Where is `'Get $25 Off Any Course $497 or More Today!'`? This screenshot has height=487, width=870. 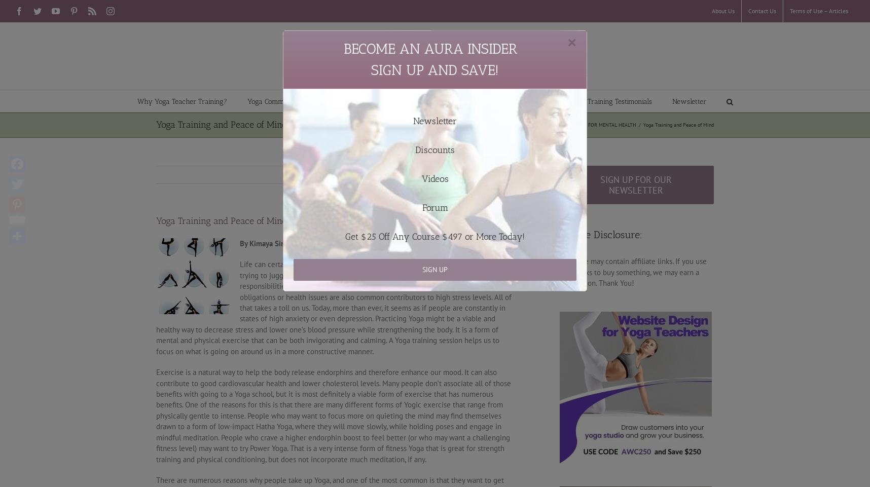 'Get $25 Off Any Course $497 or More Today!' is located at coordinates (435, 236).